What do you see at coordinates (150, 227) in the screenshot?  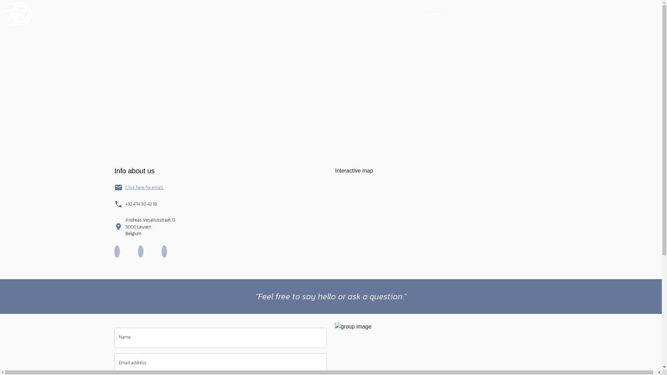 I see `'Andreas Vesaliusstraat 13` at bounding box center [150, 227].